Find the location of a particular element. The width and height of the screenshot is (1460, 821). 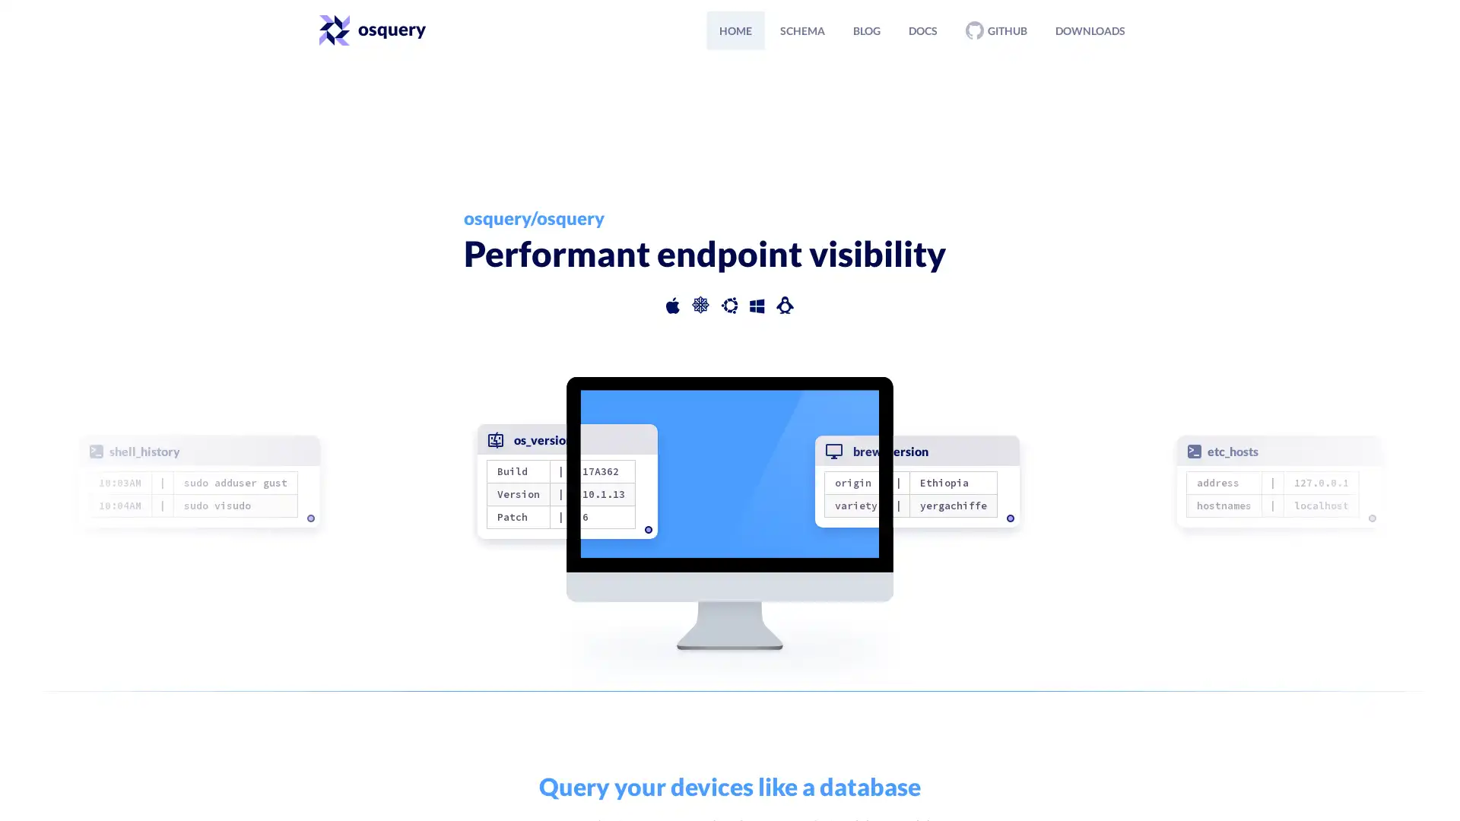

DOWNLOADS is located at coordinates (1090, 30).